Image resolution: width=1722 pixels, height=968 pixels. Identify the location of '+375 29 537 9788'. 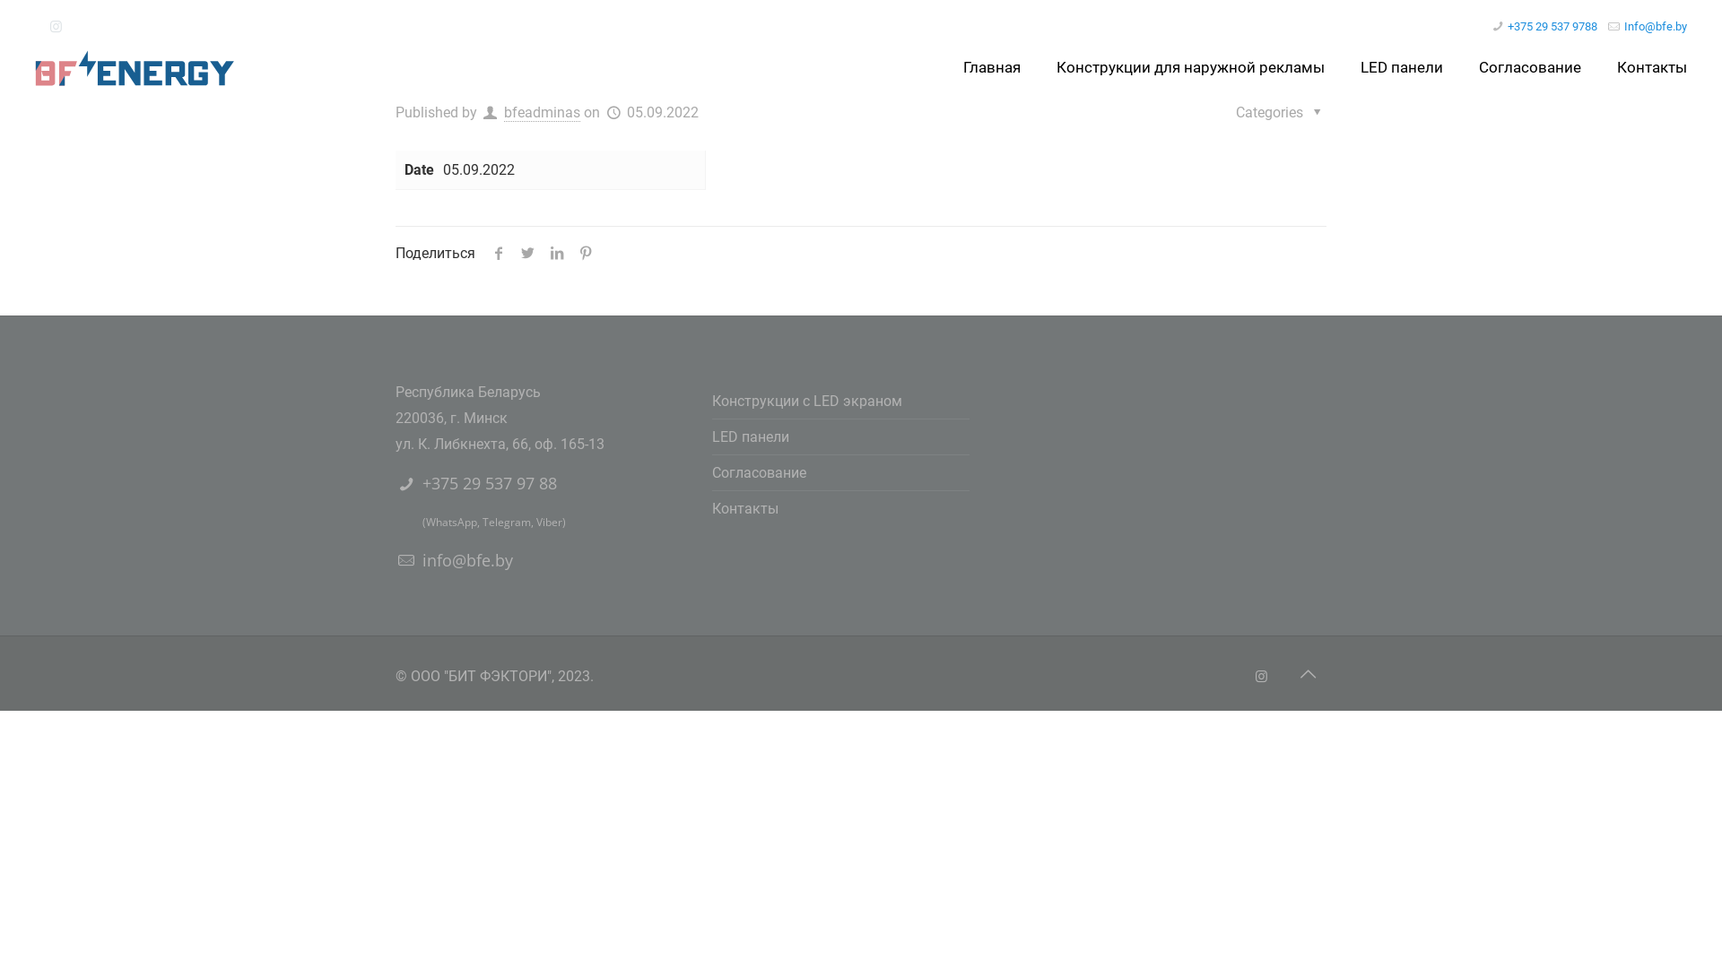
(1507, 26).